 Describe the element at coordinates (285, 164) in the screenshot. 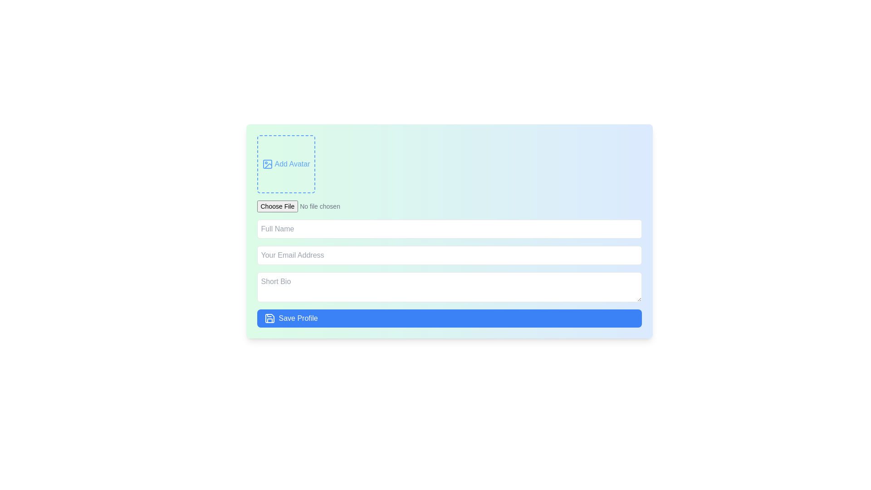

I see `the avatar upload button located at the top-right corner of the form layout, which serves as a placeholder for adding or uploading an avatar image` at that location.